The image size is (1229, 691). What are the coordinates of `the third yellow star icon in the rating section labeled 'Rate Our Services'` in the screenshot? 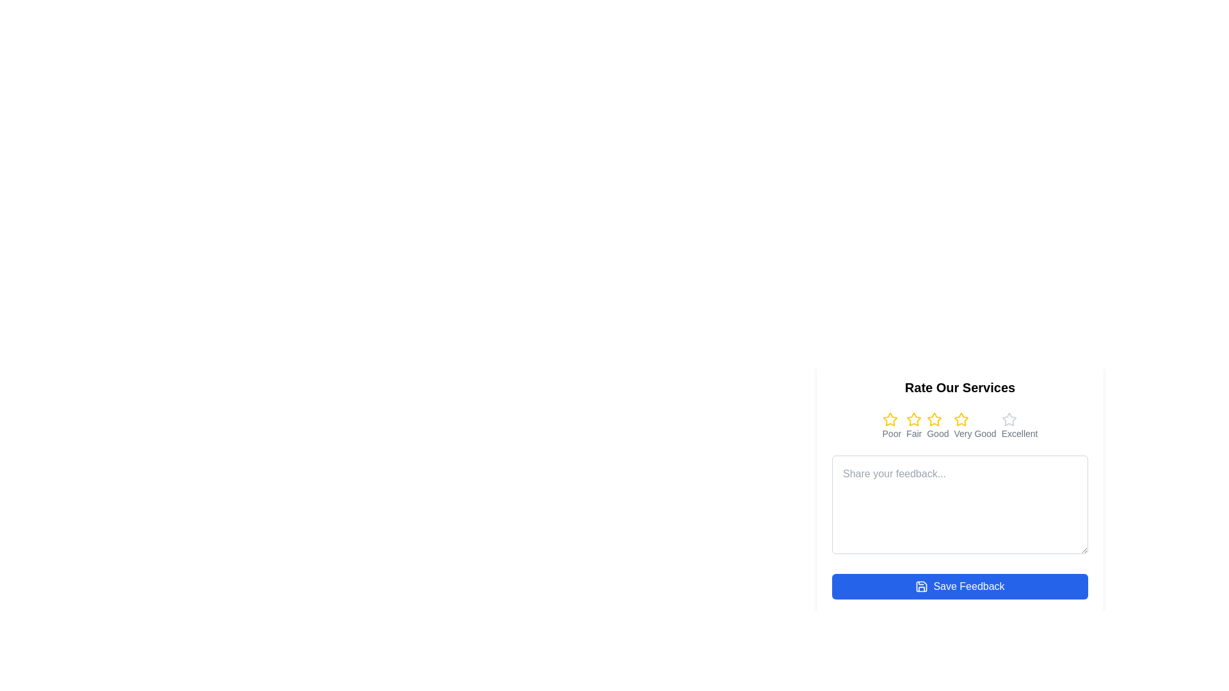 It's located at (935, 419).